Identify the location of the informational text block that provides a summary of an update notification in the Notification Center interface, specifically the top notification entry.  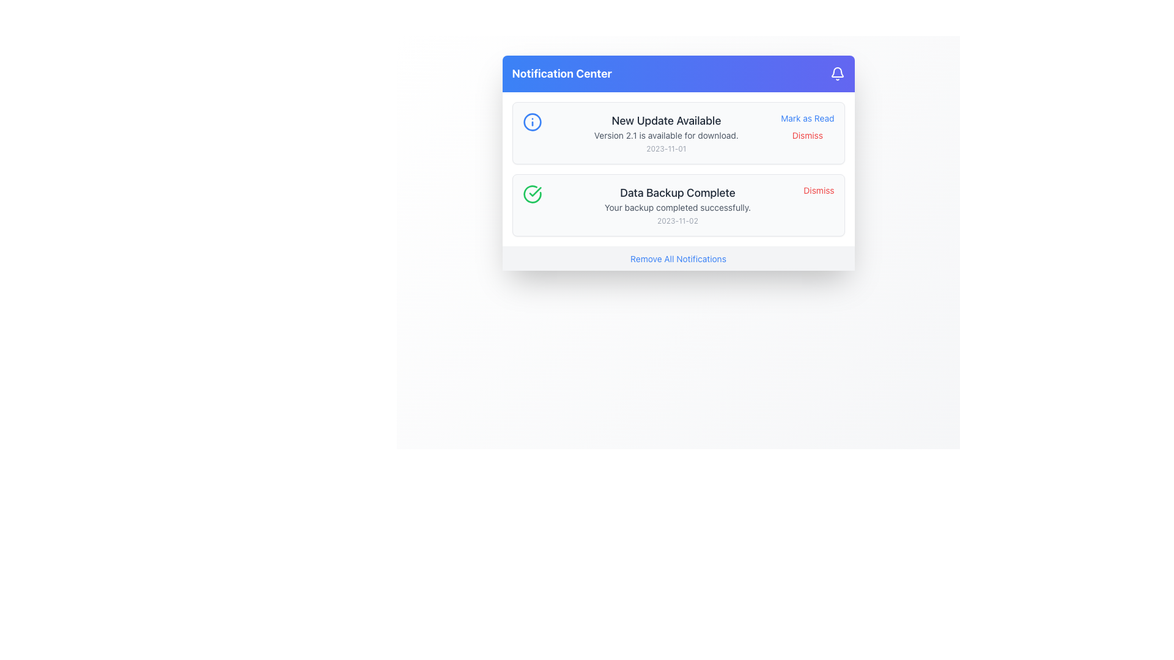
(665, 133).